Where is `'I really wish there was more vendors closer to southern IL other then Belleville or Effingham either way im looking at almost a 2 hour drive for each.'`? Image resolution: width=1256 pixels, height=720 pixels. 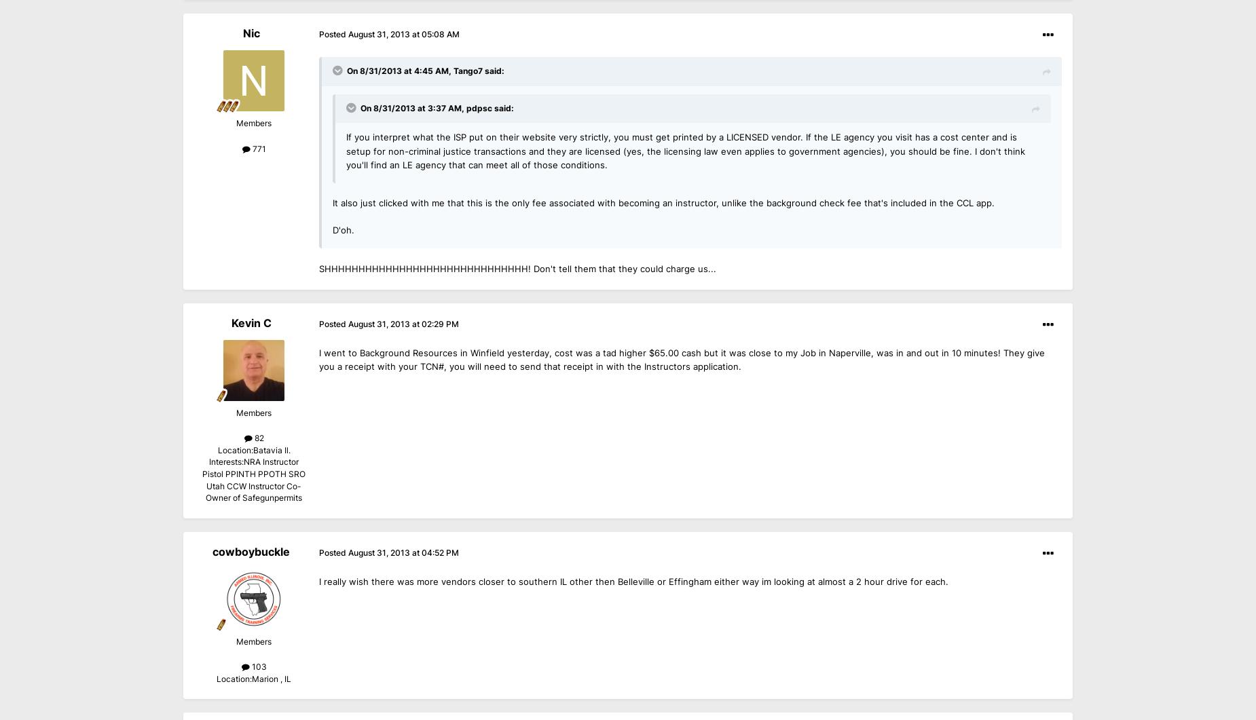 'I really wish there was more vendors closer to southern IL other then Belleville or Effingham either way im looking at almost a 2 hour drive for each.' is located at coordinates (633, 581).